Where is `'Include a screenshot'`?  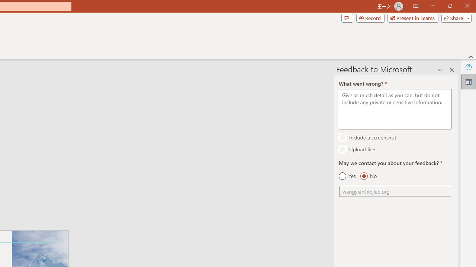
'Include a screenshot' is located at coordinates (342, 137).